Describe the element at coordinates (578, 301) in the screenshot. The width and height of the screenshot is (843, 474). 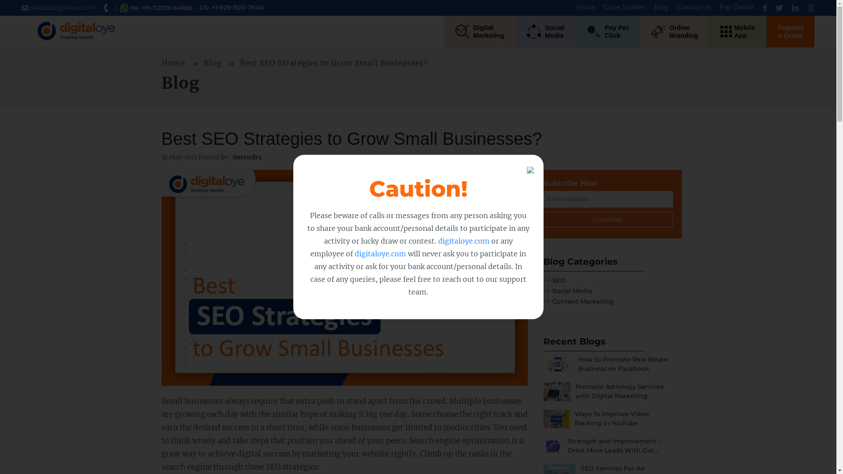
I see `'Content Marketing'` at that location.